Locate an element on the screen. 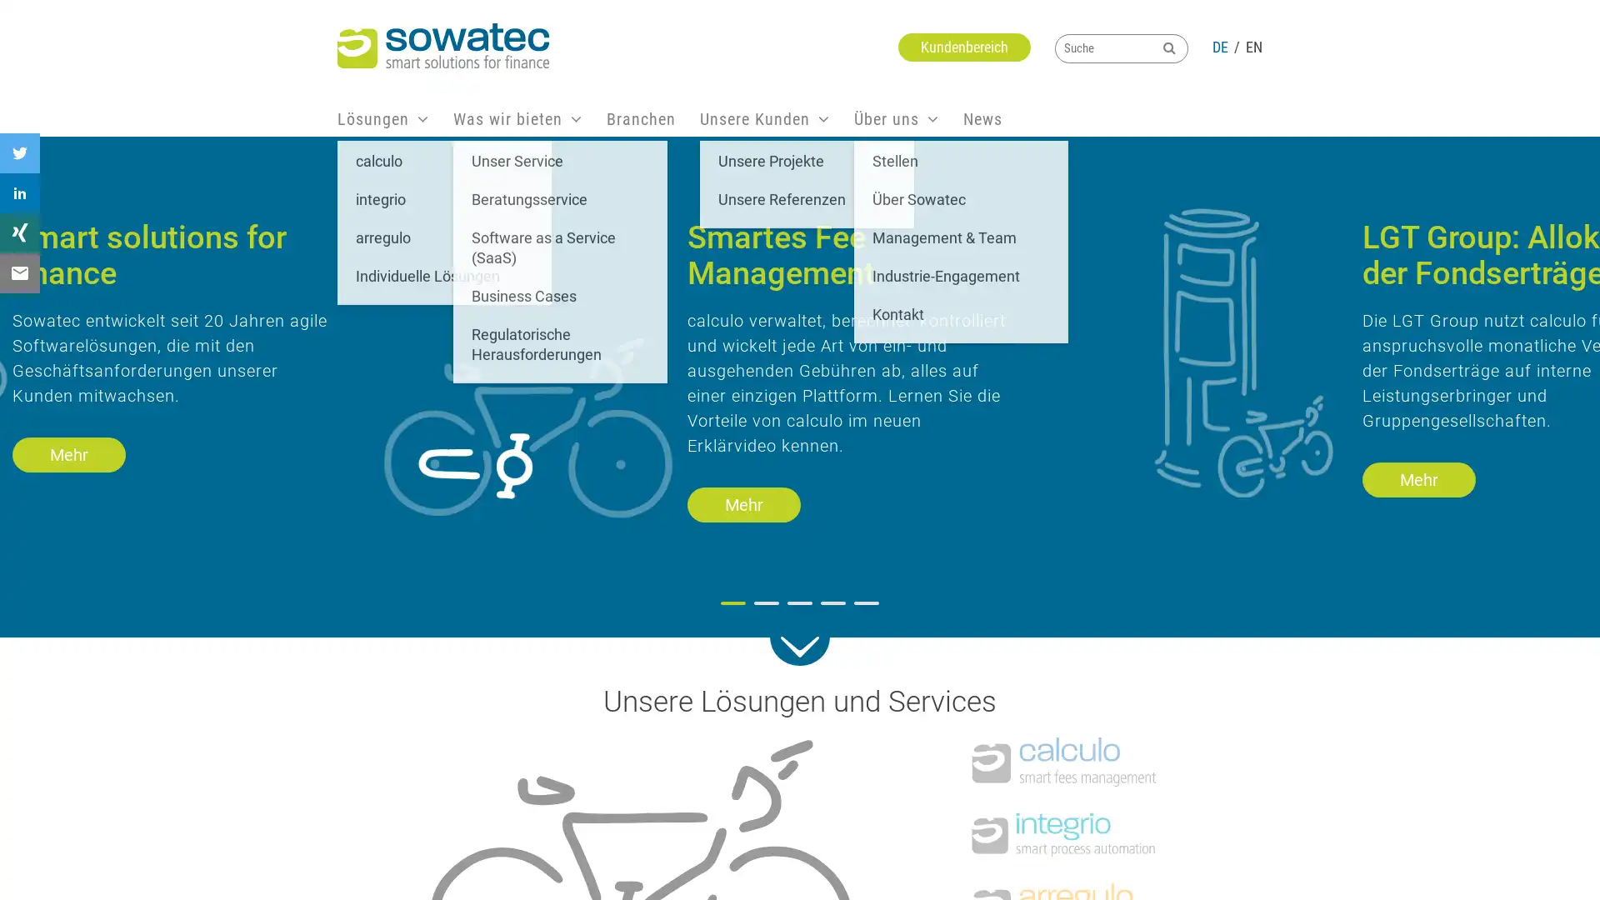  Search is located at coordinates (1168, 47).